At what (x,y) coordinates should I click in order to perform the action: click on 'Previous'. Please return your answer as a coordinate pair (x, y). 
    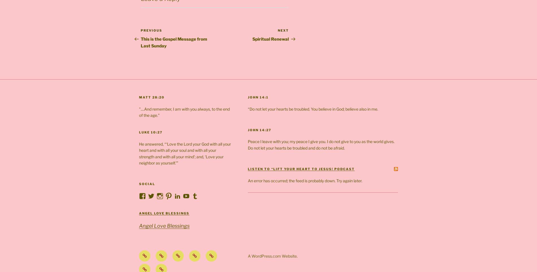
    Looking at the image, I should click on (151, 30).